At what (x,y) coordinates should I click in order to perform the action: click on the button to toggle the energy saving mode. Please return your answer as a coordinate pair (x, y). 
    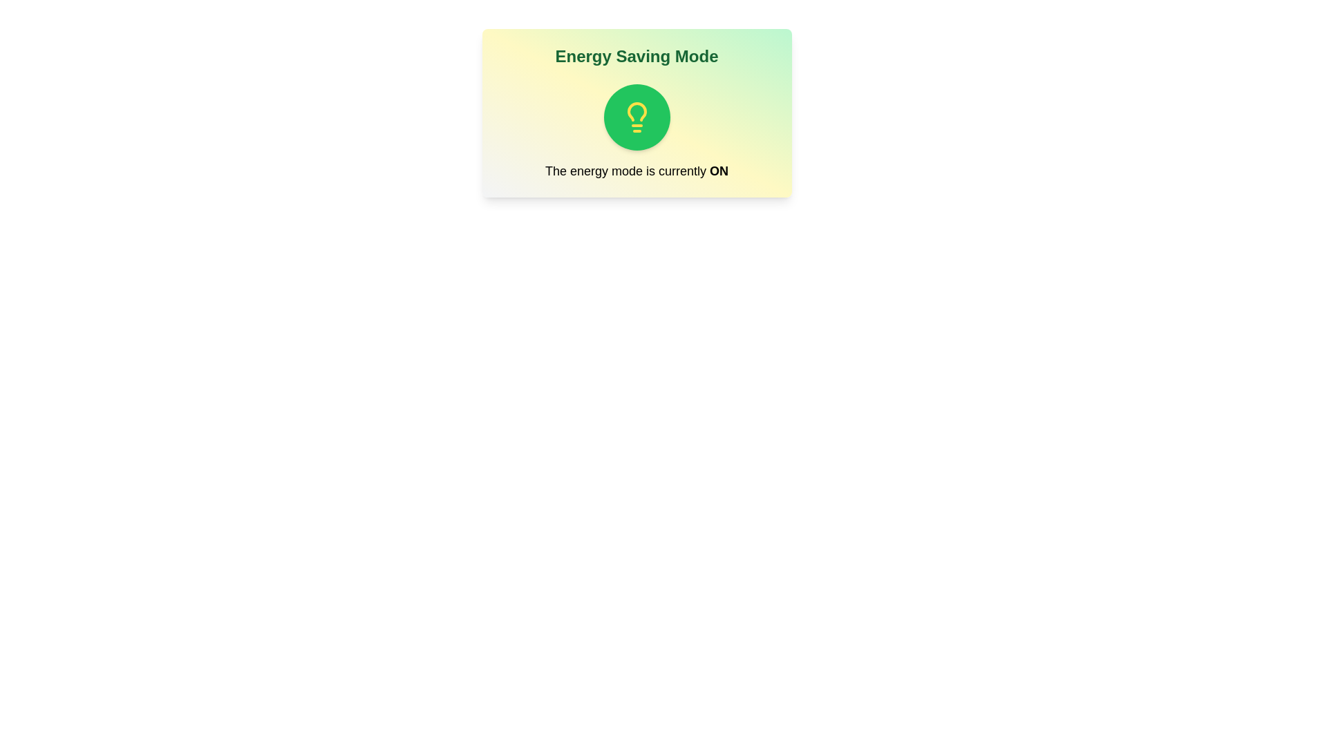
    Looking at the image, I should click on (636, 116).